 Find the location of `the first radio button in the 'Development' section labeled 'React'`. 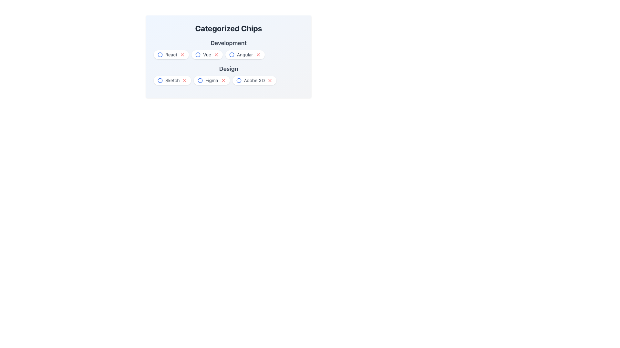

the first radio button in the 'Development' section labeled 'React' is located at coordinates (160, 54).